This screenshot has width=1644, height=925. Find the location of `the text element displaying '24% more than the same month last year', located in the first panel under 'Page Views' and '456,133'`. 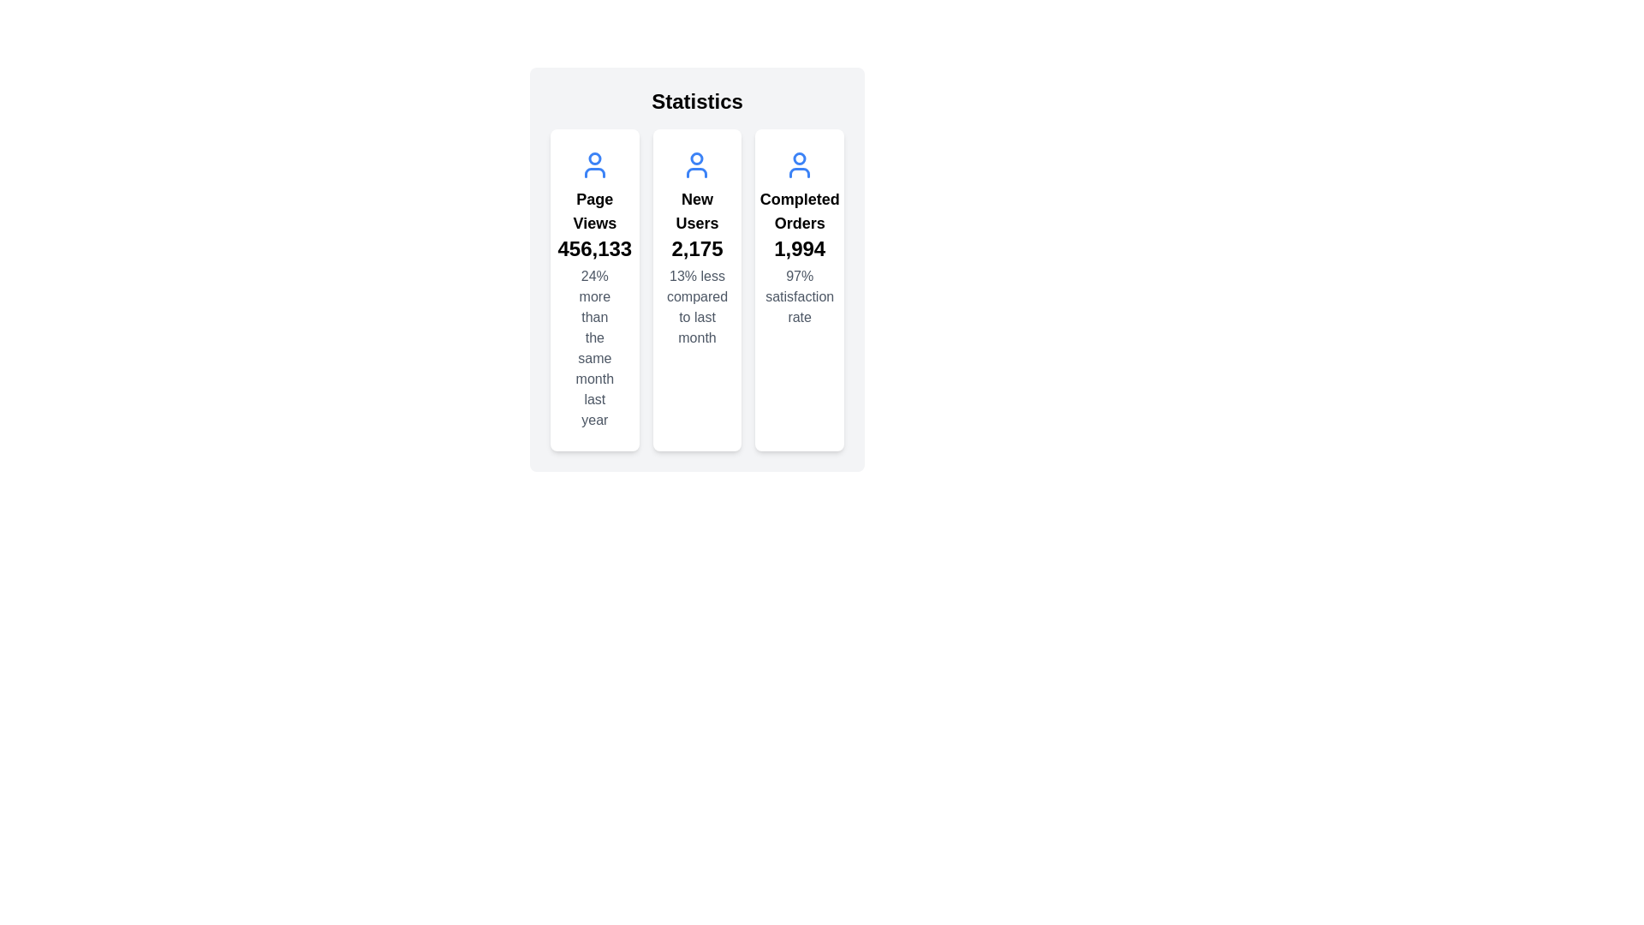

the text element displaying '24% more than the same month last year', located in the first panel under 'Page Views' and '456,133' is located at coordinates (594, 348).